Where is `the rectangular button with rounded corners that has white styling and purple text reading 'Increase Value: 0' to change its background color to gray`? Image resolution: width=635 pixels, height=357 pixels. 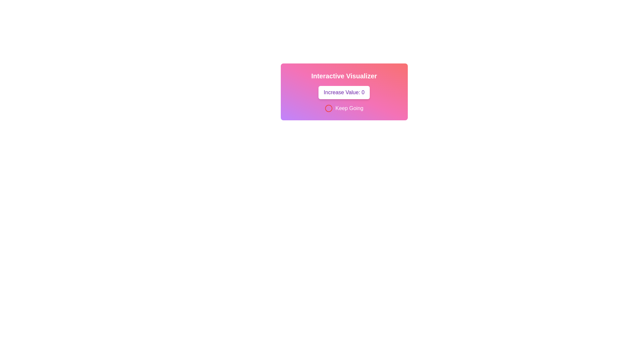 the rectangular button with rounded corners that has white styling and purple text reading 'Increase Value: 0' to change its background color to gray is located at coordinates (344, 93).